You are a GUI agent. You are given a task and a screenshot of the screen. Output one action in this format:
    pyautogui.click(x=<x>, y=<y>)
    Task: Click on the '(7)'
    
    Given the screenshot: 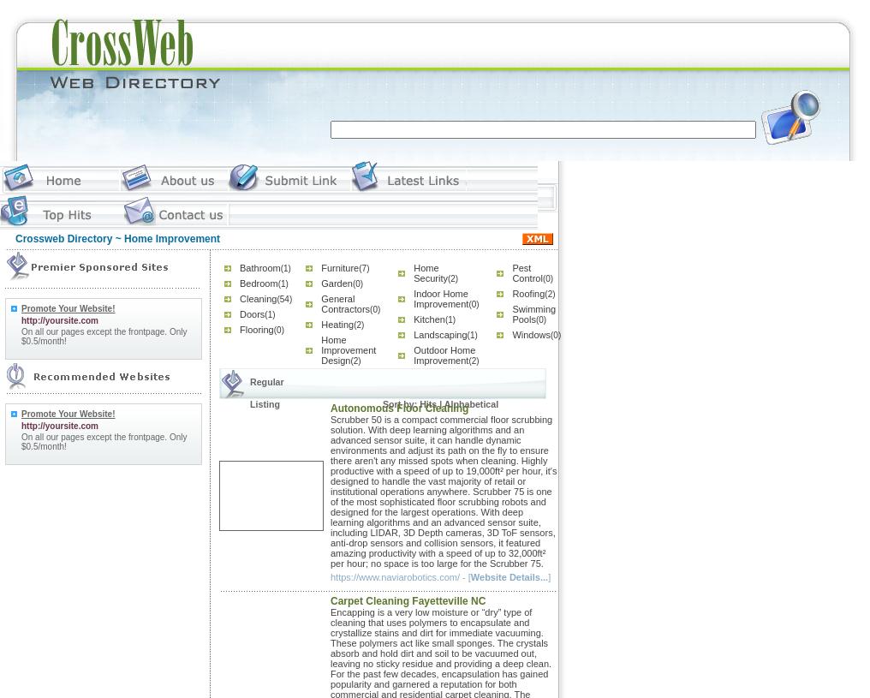 What is the action you would take?
    pyautogui.click(x=362, y=267)
    